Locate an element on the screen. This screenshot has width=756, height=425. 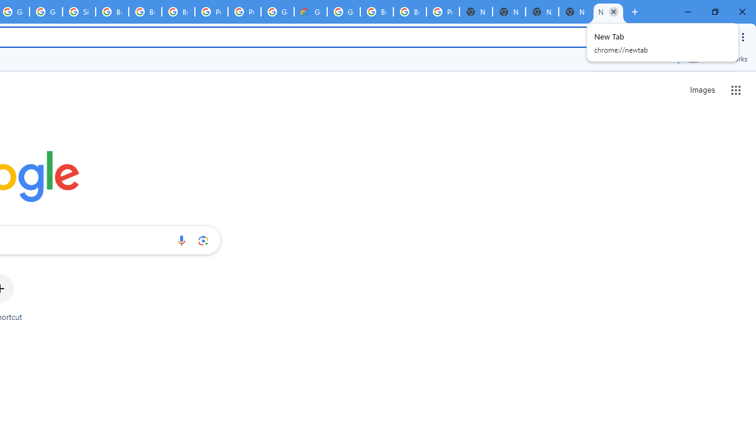
'Browse Chrome as a guest - Computer - Google Chrome Help' is located at coordinates (112, 12).